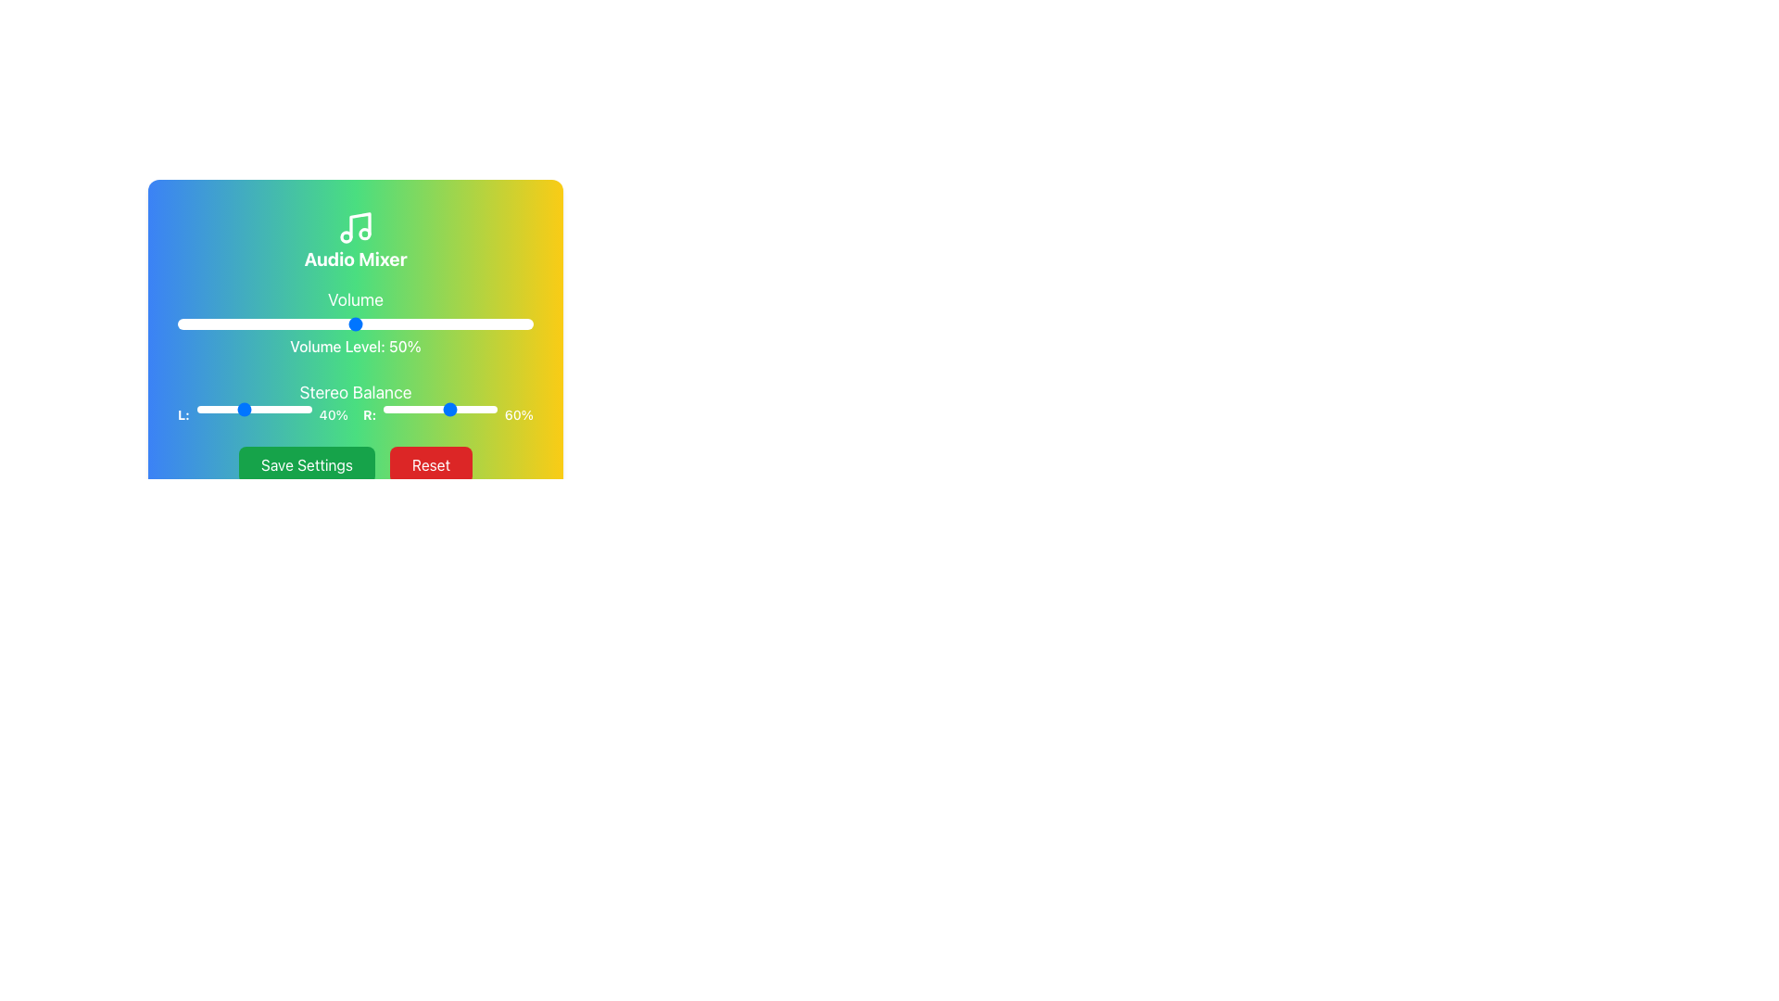  Describe the element at coordinates (248, 409) in the screenshot. I see `the slider` at that location.